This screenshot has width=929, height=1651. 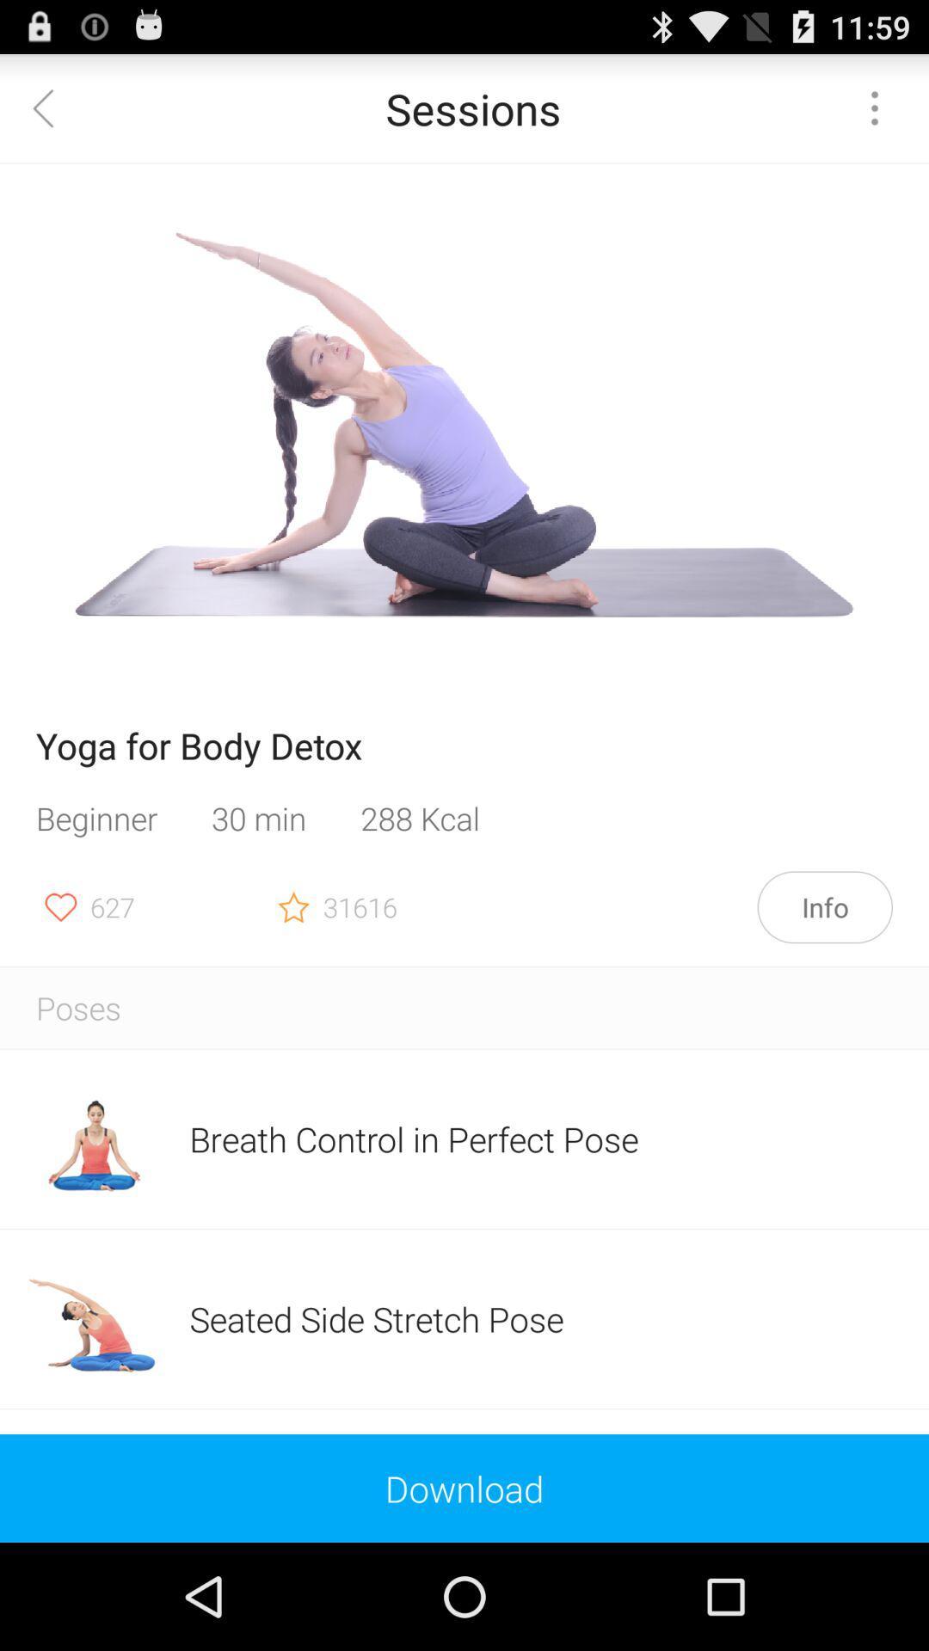 What do you see at coordinates (875, 114) in the screenshot?
I see `the more icon` at bounding box center [875, 114].